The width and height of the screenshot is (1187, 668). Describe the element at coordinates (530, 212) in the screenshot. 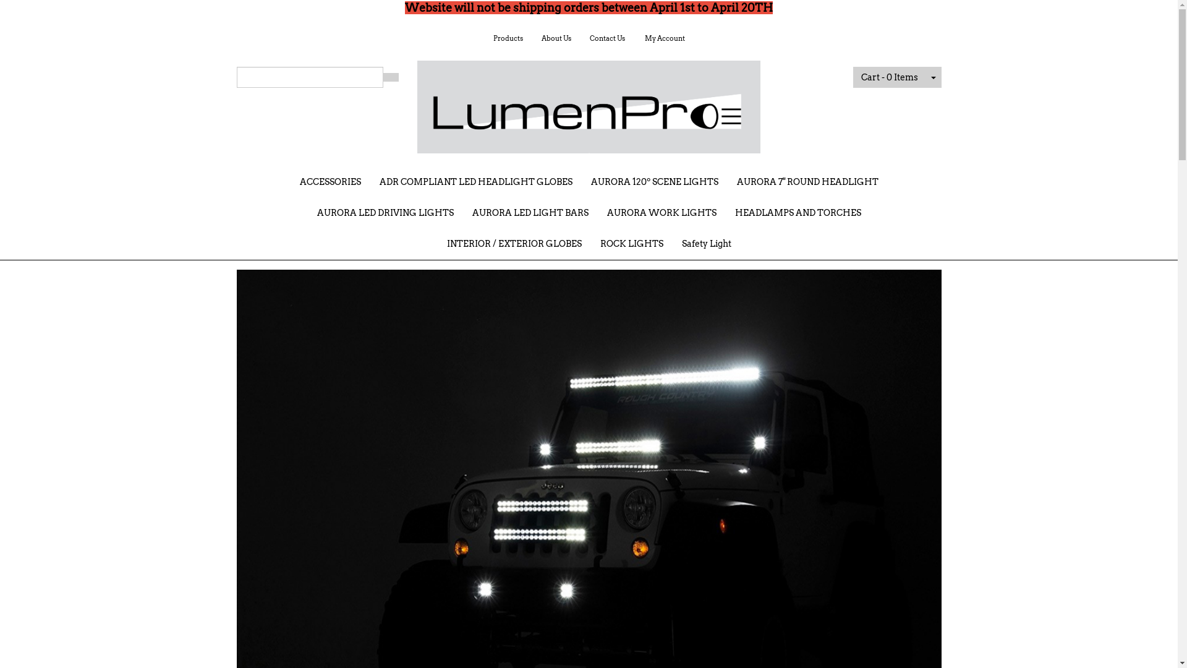

I see `'AURORA LED LIGHT BARS'` at that location.